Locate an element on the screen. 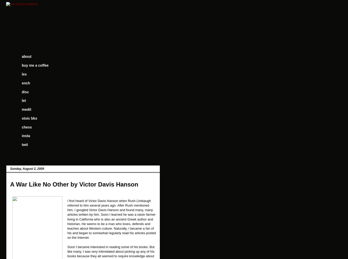 The height and width of the screenshot is (259, 348). 'medit' is located at coordinates (26, 109).